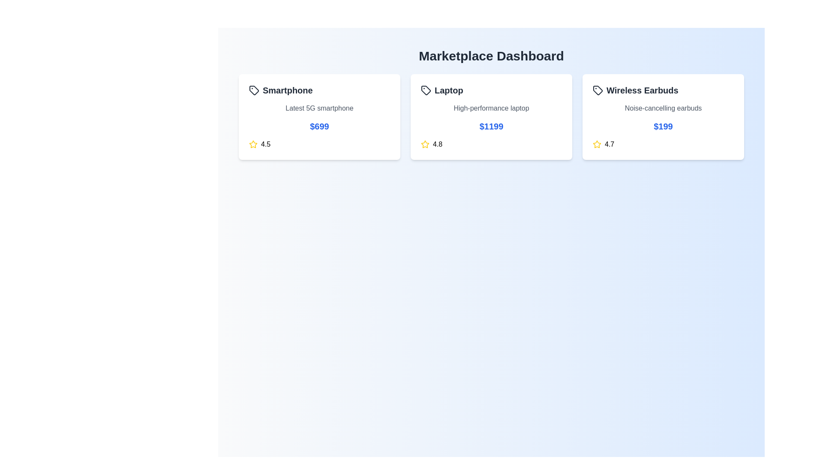 The image size is (823, 463). I want to click on the Star icon in the rating widget of the 'Wireless Earbuds' card, so click(596, 144).